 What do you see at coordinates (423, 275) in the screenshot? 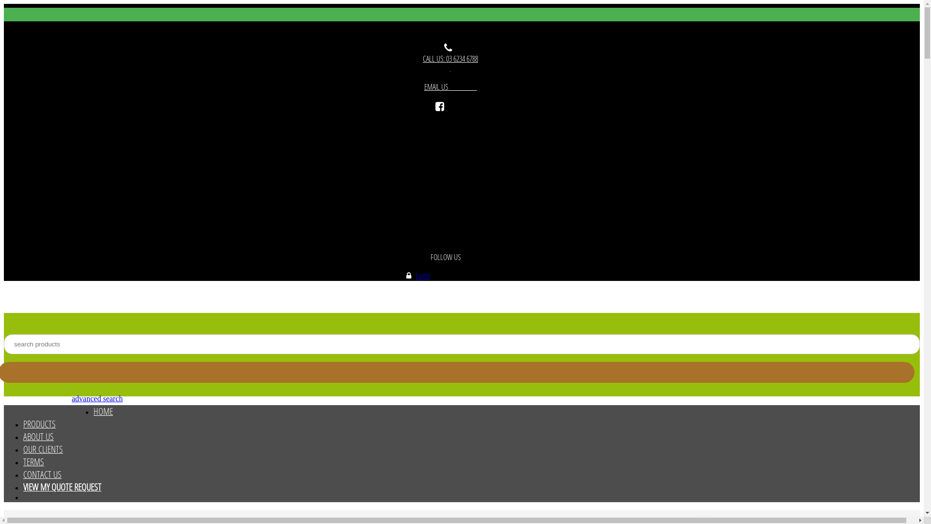
I see `'Login'` at bounding box center [423, 275].